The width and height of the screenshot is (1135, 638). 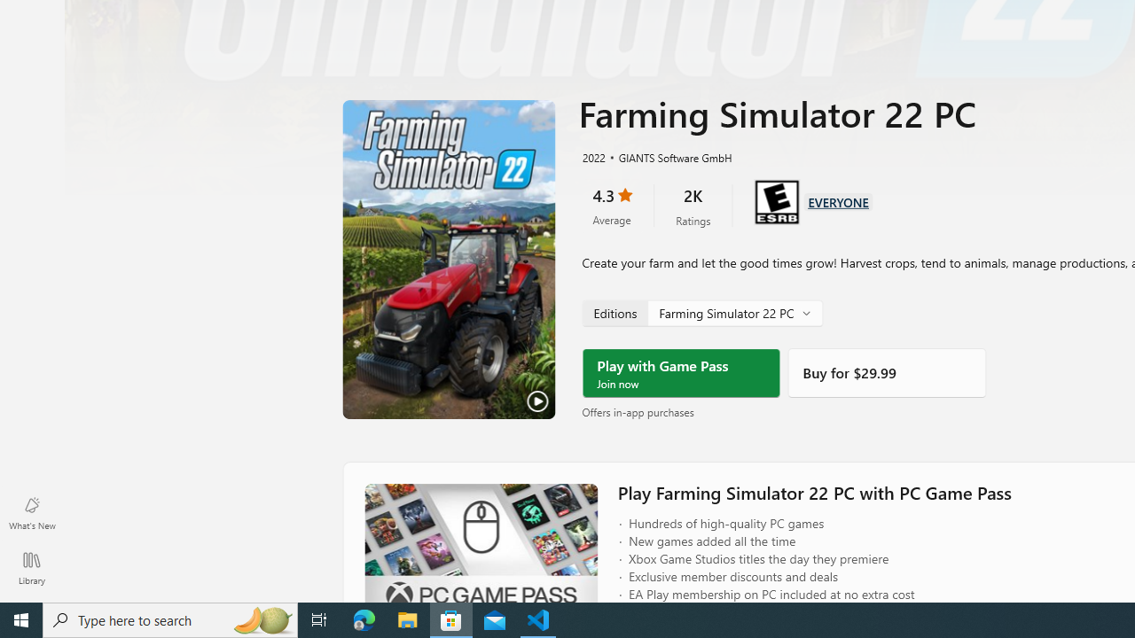 What do you see at coordinates (837, 199) in the screenshot?
I see `'Age rating: EVERYONE. Click for more information.'` at bounding box center [837, 199].